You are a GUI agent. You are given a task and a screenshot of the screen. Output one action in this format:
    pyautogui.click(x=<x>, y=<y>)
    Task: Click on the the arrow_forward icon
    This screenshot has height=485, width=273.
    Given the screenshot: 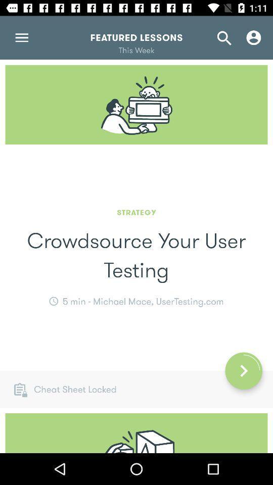 What is the action you would take?
    pyautogui.click(x=243, y=370)
    